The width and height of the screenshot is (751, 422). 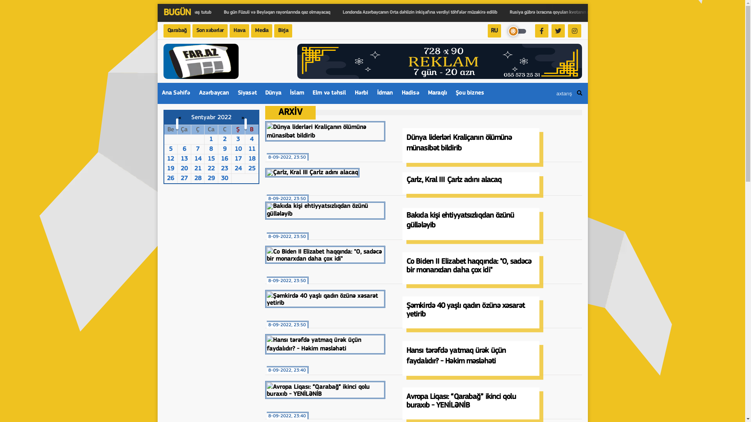 I want to click on '24', so click(x=238, y=168).